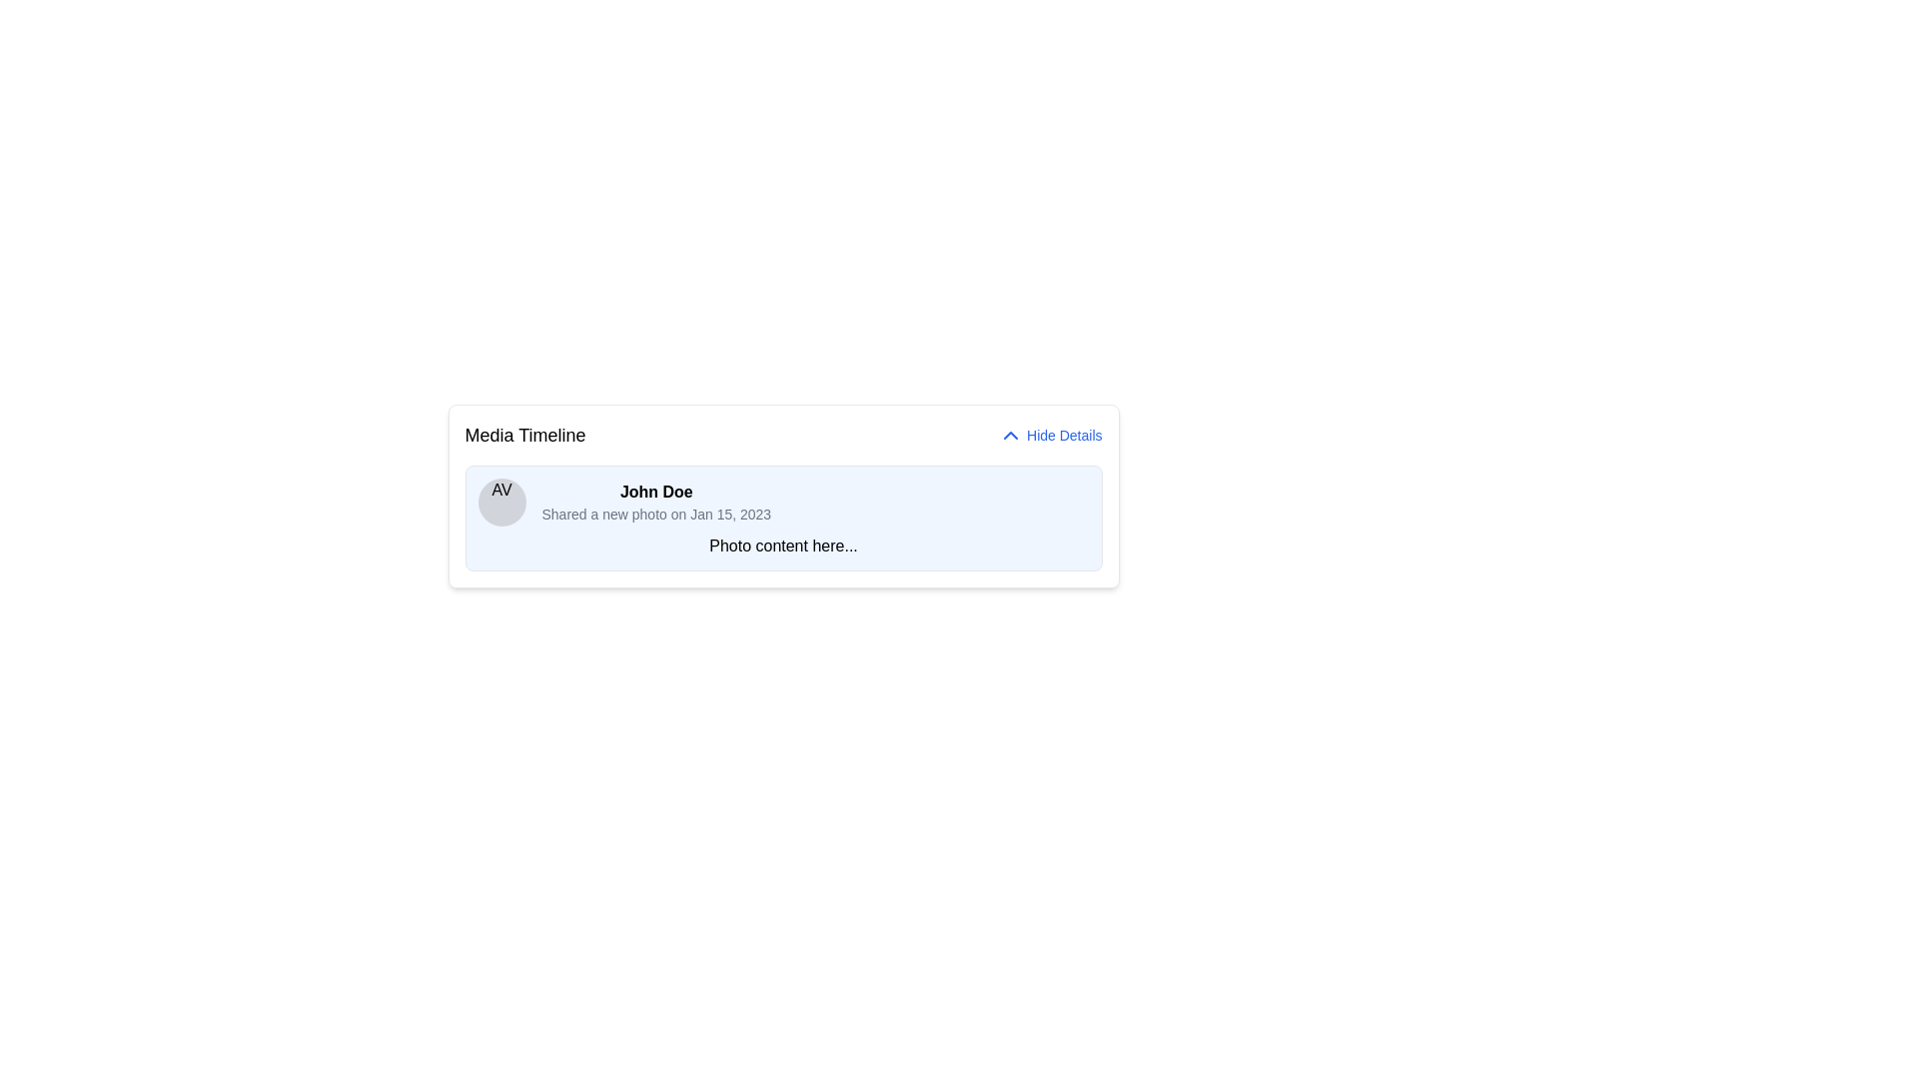 The width and height of the screenshot is (1918, 1079). I want to click on the chevron-up icon located at the top-right corner of the 'Media Timeline' section, so click(1011, 434).